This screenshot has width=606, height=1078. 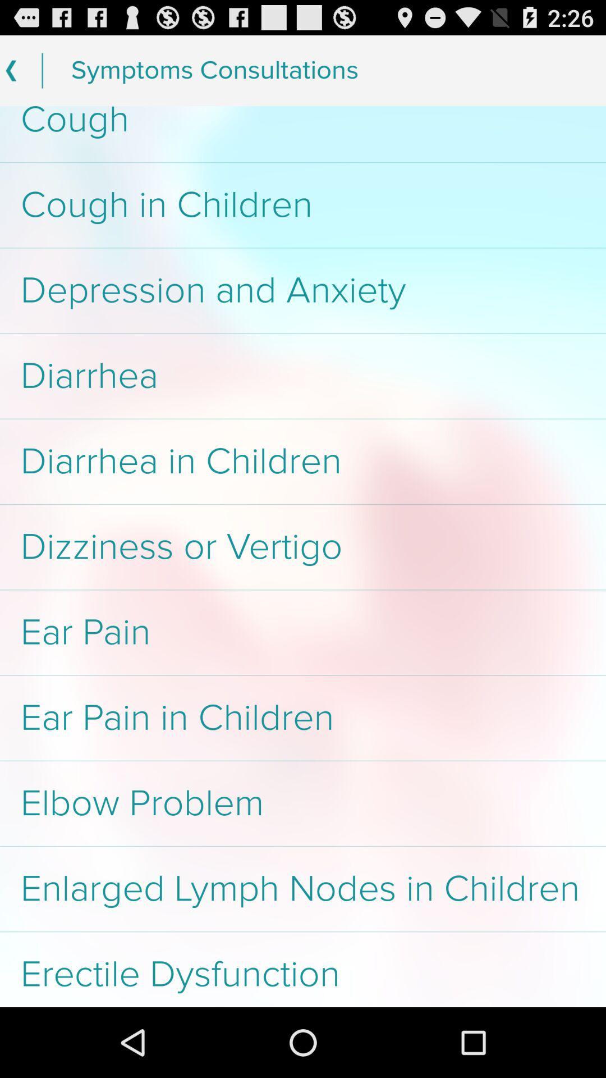 What do you see at coordinates (303, 803) in the screenshot?
I see `the elbow problem icon` at bounding box center [303, 803].